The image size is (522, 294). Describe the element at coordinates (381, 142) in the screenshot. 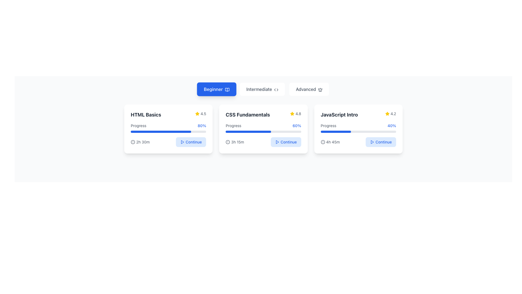

I see `the 'Continue' button with a light blue background and blue text, featuring a play icon, located at the bottom-right of the 'JavaScript Intro' course card to trigger visual effects` at that location.